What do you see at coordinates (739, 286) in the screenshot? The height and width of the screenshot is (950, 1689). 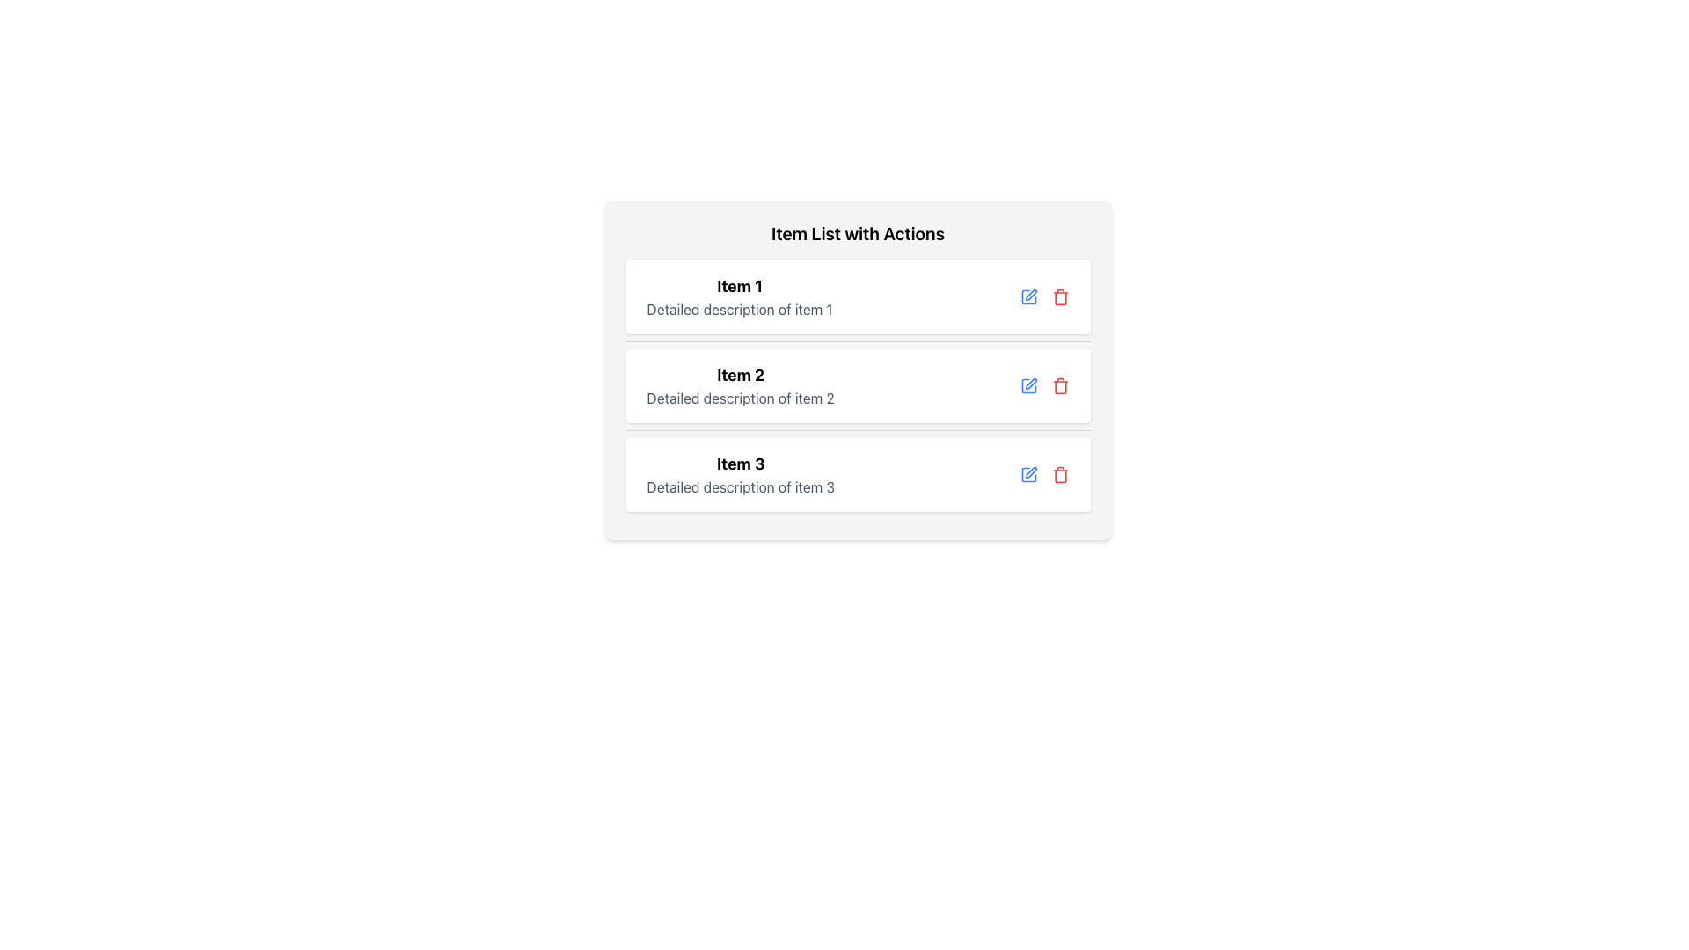 I see `text label that serves as the title for the first item in the list, located in the header above the detailed description` at bounding box center [739, 286].